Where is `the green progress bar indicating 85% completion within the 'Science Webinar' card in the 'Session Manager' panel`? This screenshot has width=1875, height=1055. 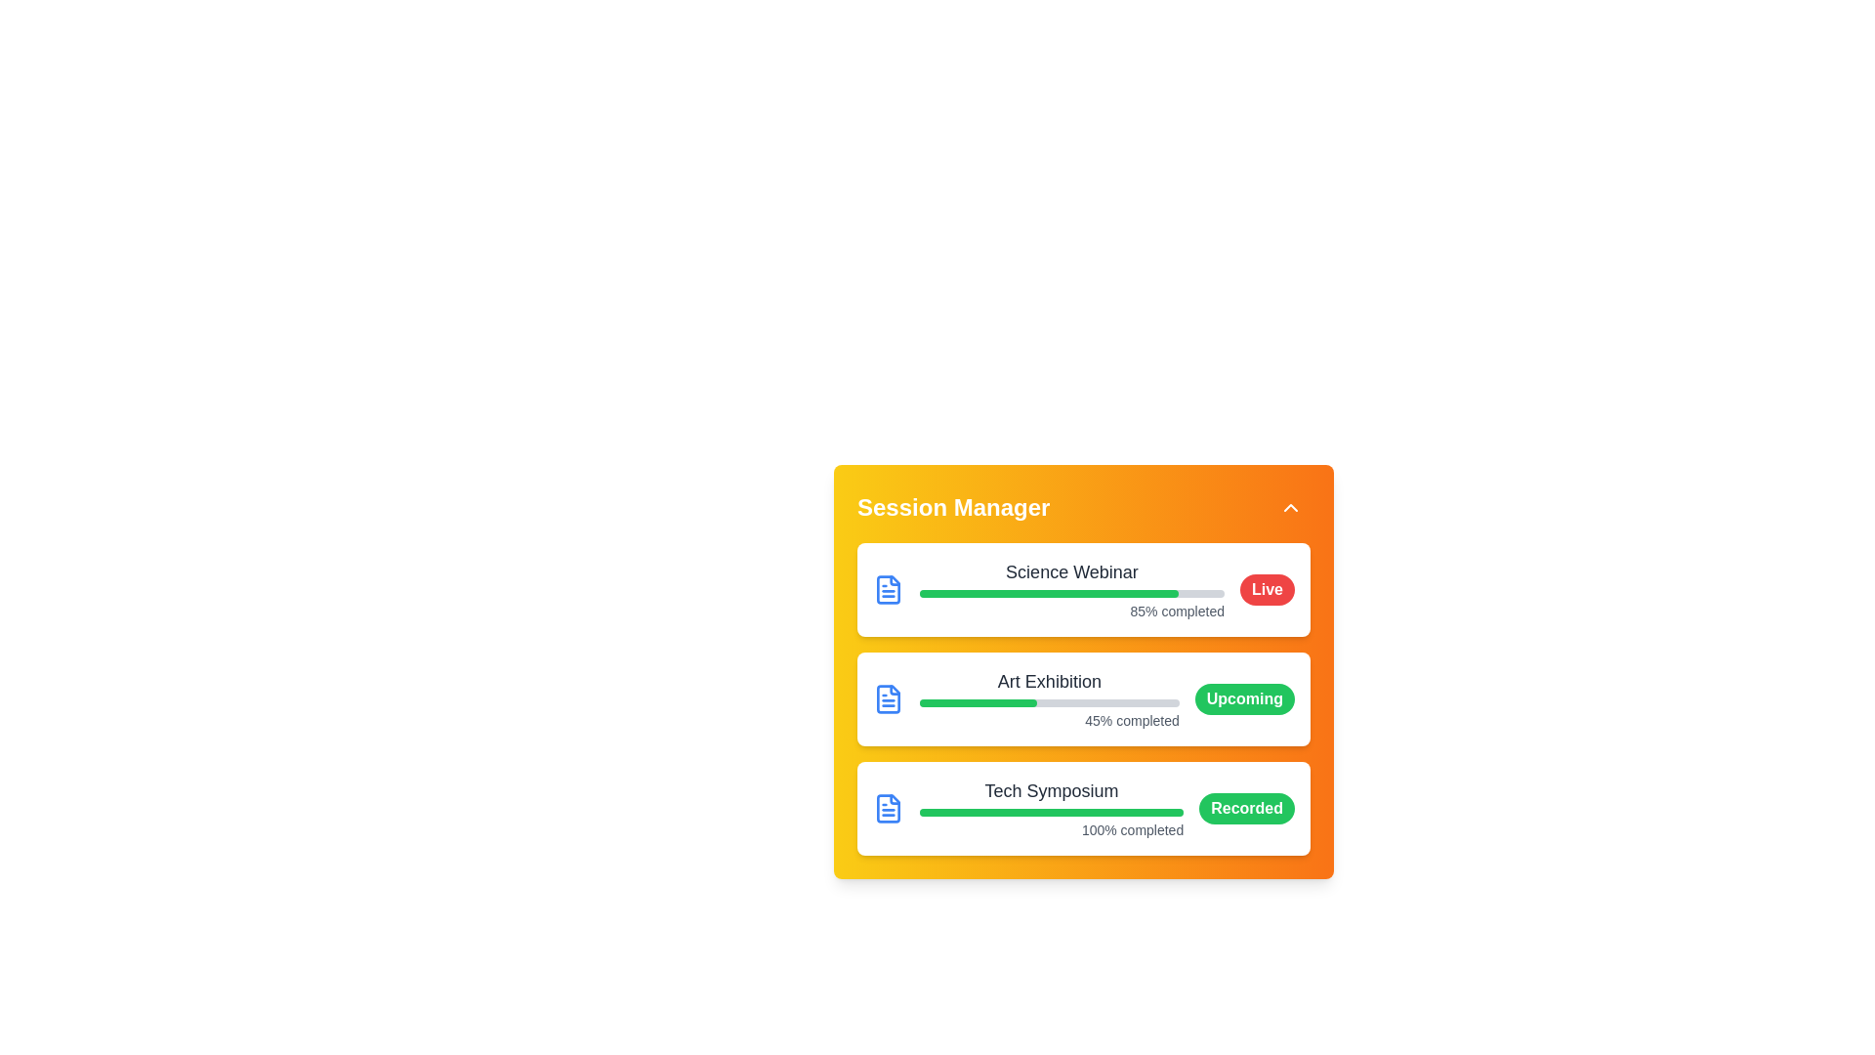
the green progress bar indicating 85% completion within the 'Science Webinar' card in the 'Session Manager' panel is located at coordinates (1048, 593).